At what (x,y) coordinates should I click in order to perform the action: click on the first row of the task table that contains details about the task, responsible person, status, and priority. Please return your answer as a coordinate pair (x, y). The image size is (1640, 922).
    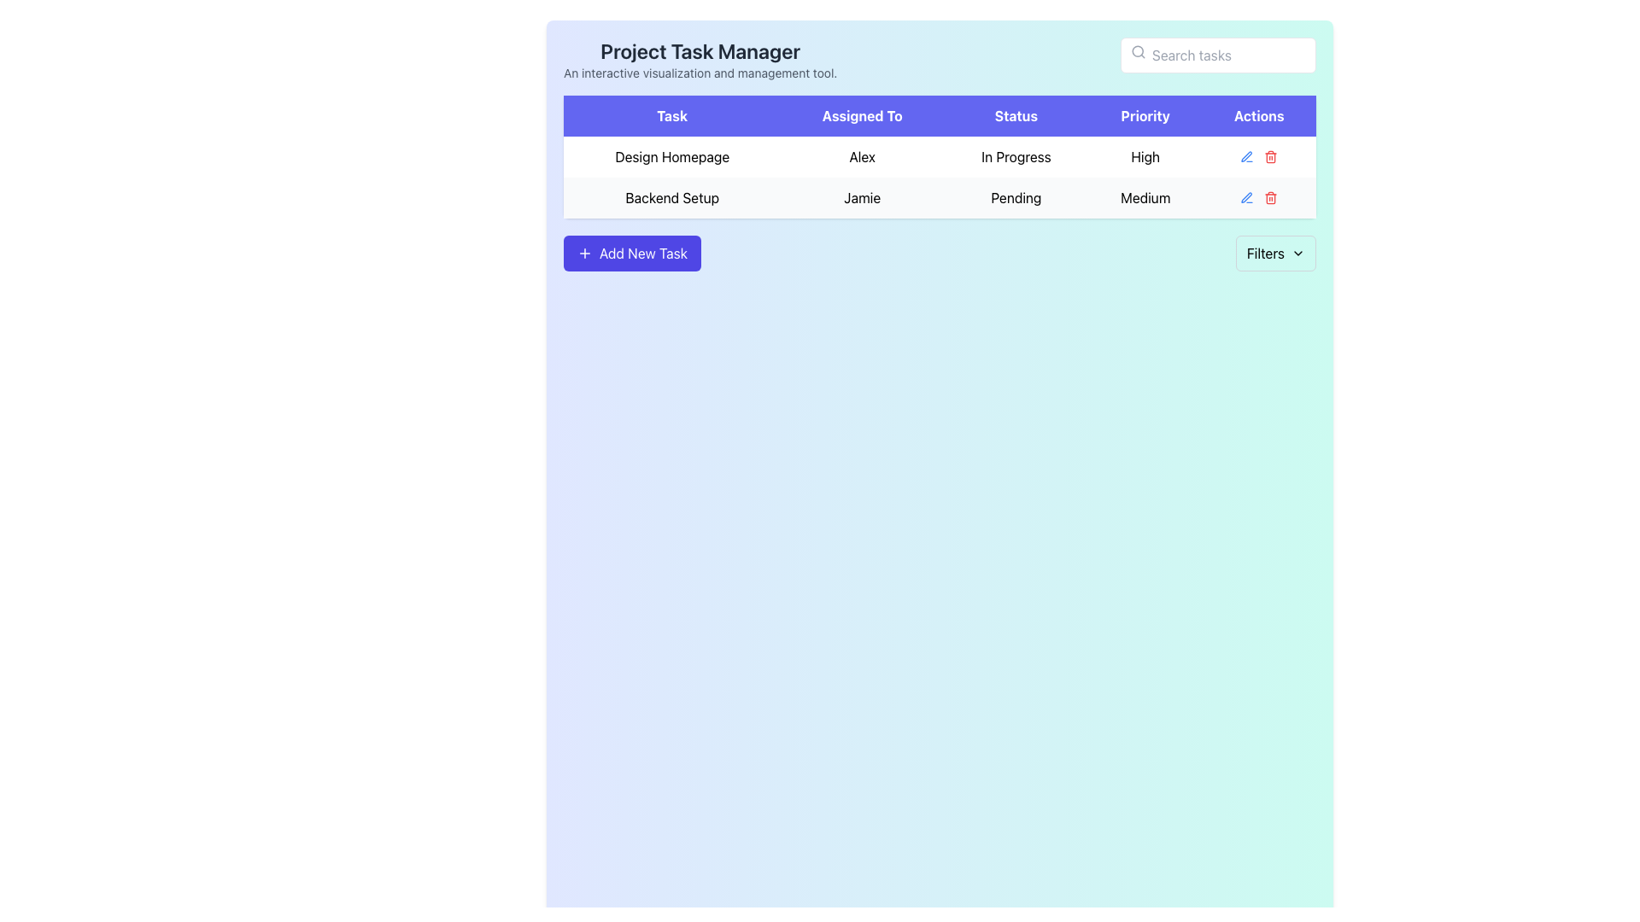
    Looking at the image, I should click on (938, 178).